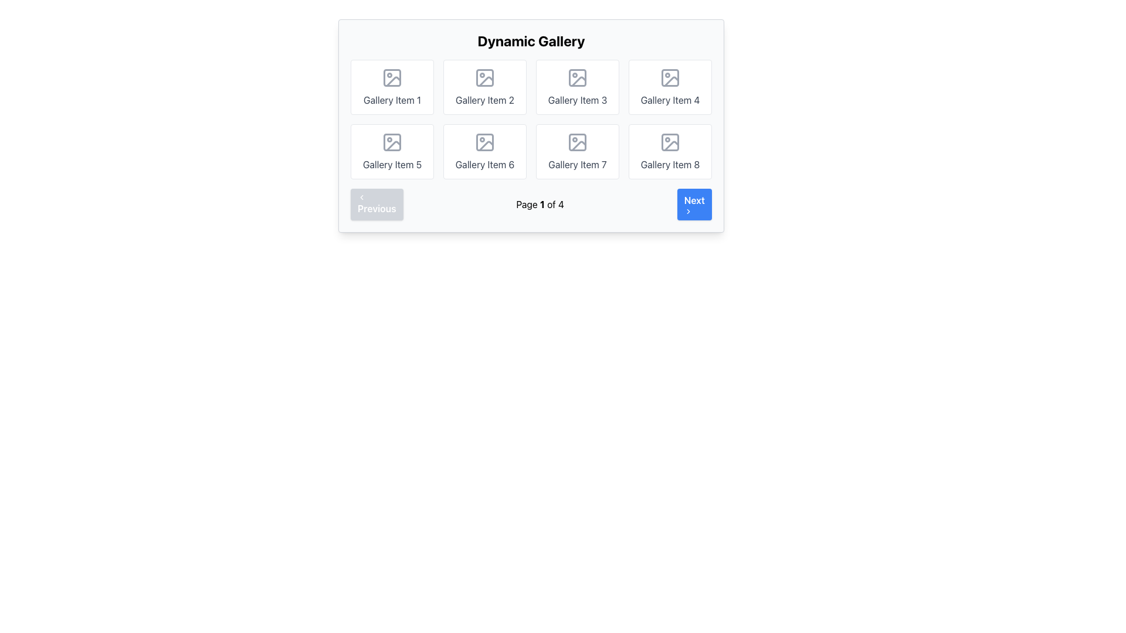 The width and height of the screenshot is (1126, 633). What do you see at coordinates (577, 77) in the screenshot?
I see `the icon shaped like an outlined photo frame with rounded corners, located in the grid under 'Dynamic Gallery' within 'Gallery Item 3'` at bounding box center [577, 77].